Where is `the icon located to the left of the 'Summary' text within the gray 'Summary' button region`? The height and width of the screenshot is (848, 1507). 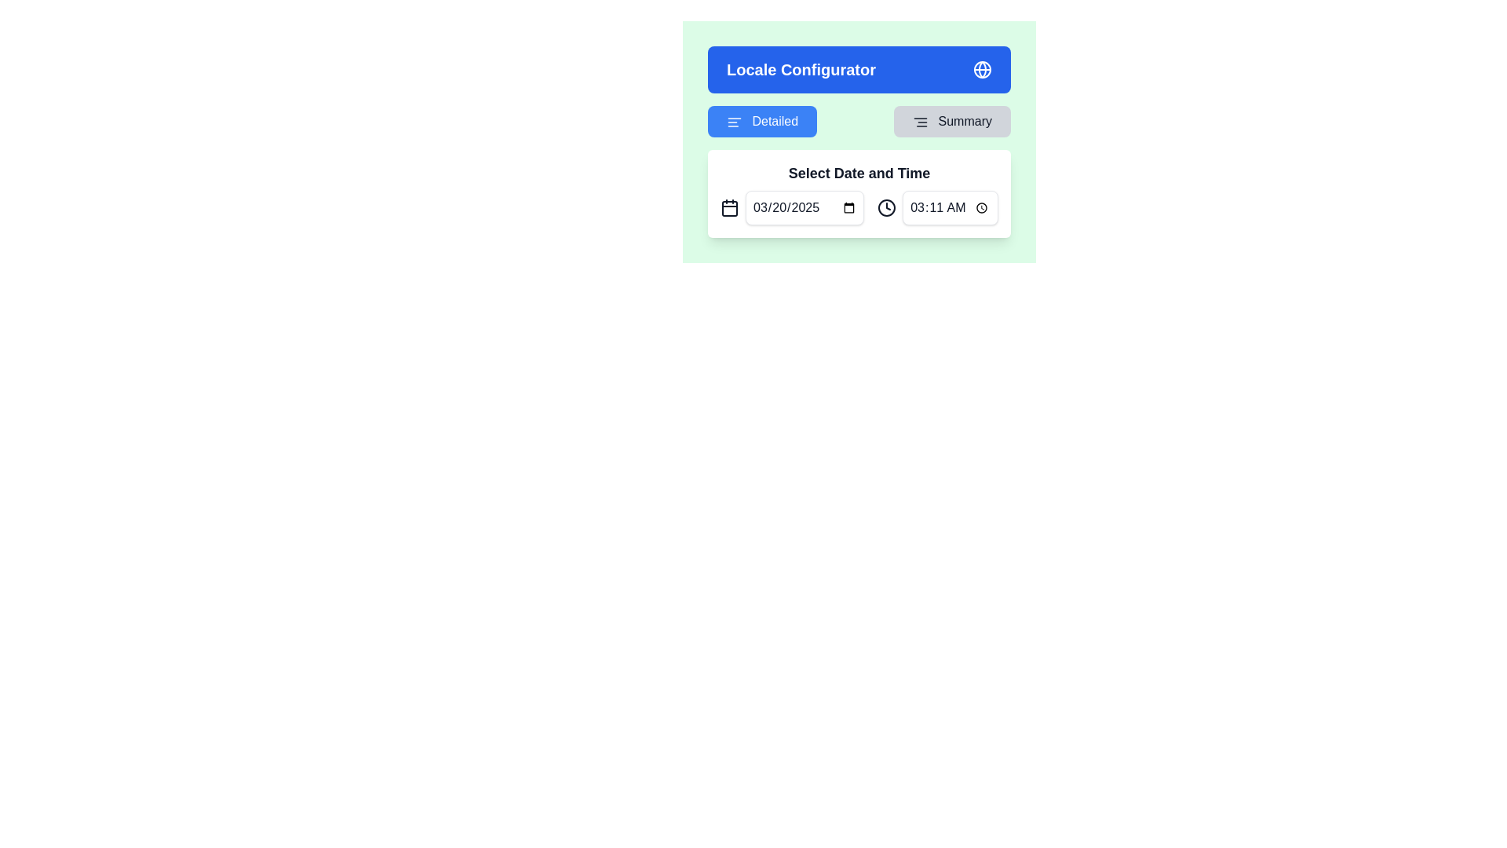
the icon located to the left of the 'Summary' text within the gray 'Summary' button region is located at coordinates (921, 121).